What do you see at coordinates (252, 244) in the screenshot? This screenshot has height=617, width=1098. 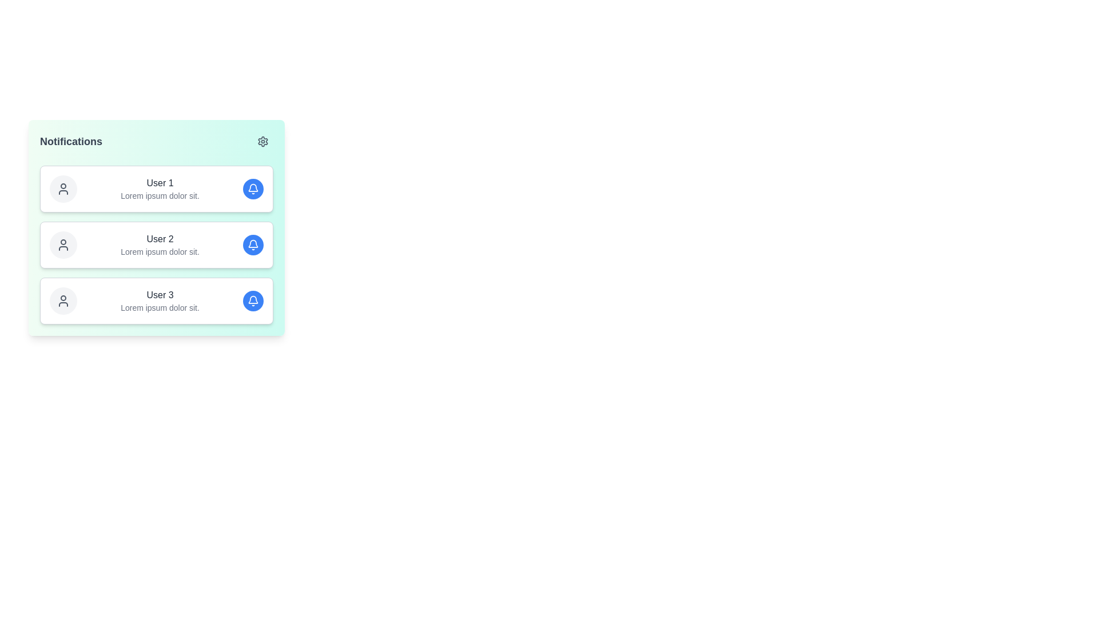 I see `the bell icon that symbolizes notifications, located in the second item of a vertically arranged list, positioned to the far right of the user's name and message preview` at bounding box center [252, 244].